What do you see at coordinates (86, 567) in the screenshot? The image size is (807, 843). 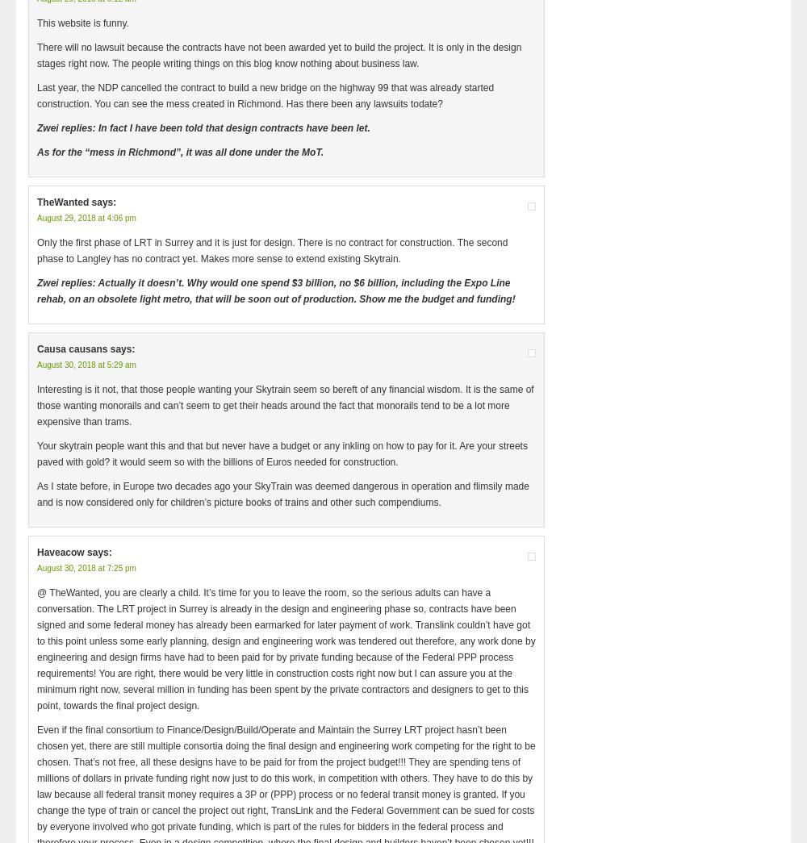 I see `'August 30, 2018 at 7:25 pm'` at bounding box center [86, 567].